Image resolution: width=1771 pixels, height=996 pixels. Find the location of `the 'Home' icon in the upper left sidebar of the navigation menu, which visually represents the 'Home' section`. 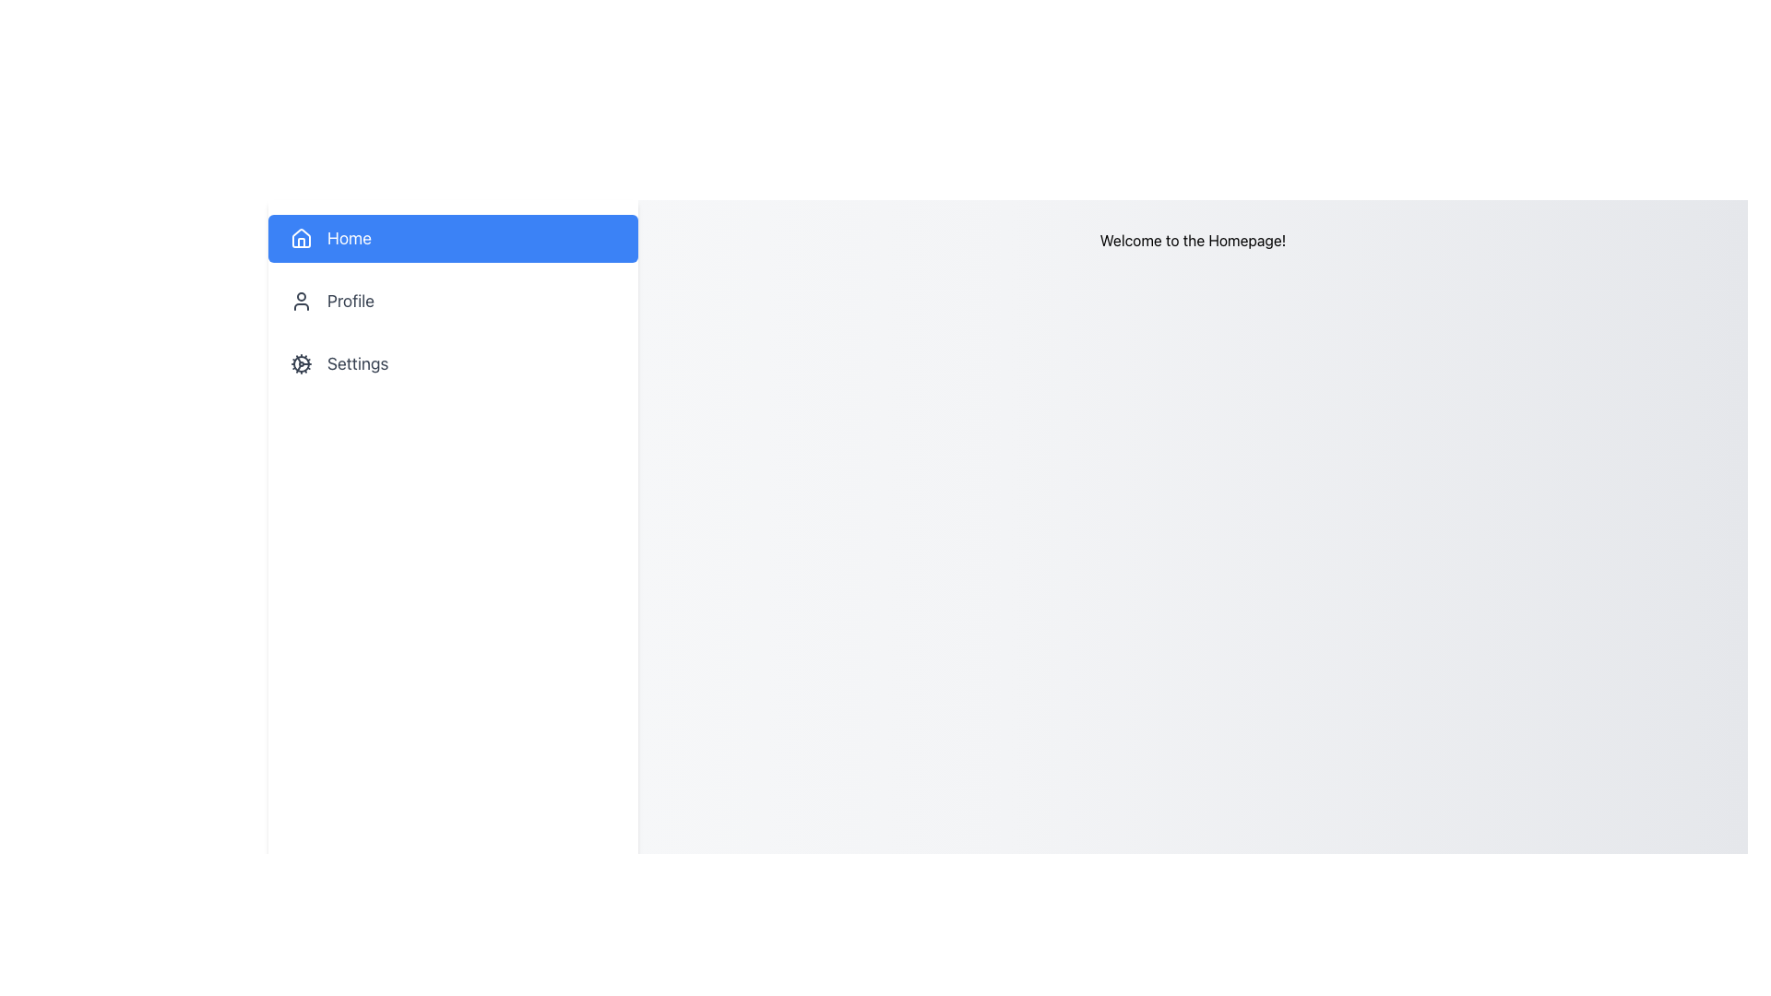

the 'Home' icon in the upper left sidebar of the navigation menu, which visually represents the 'Home' section is located at coordinates (301, 237).